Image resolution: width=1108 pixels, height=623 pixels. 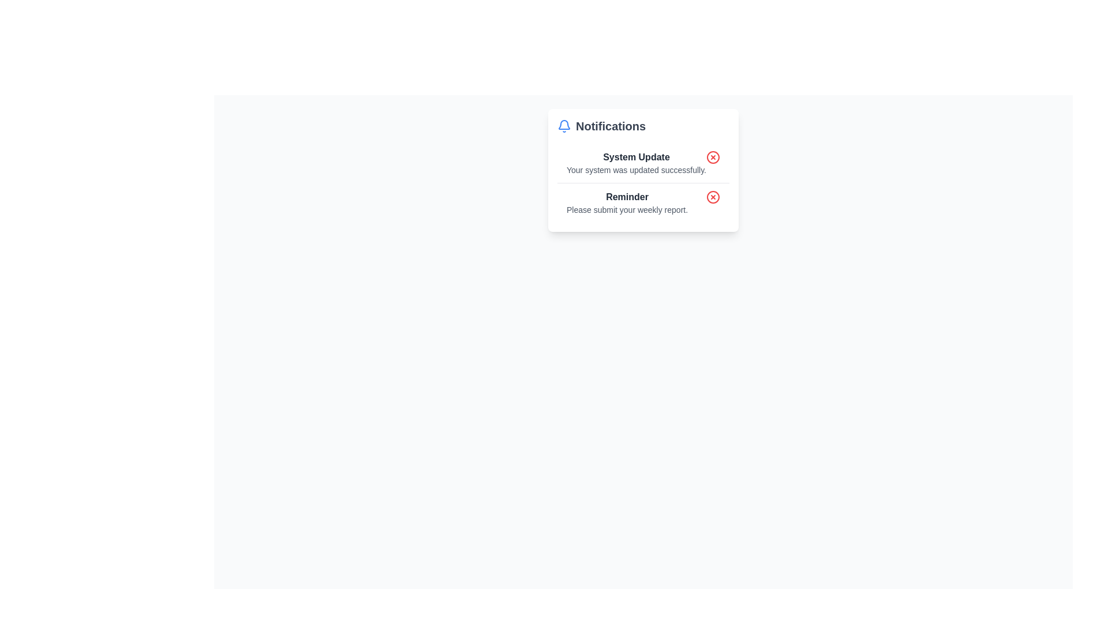 I want to click on the decorative SVG circle that outlines the dismissal button for the 'System Update' notification in the top notification entry box, so click(x=713, y=157).